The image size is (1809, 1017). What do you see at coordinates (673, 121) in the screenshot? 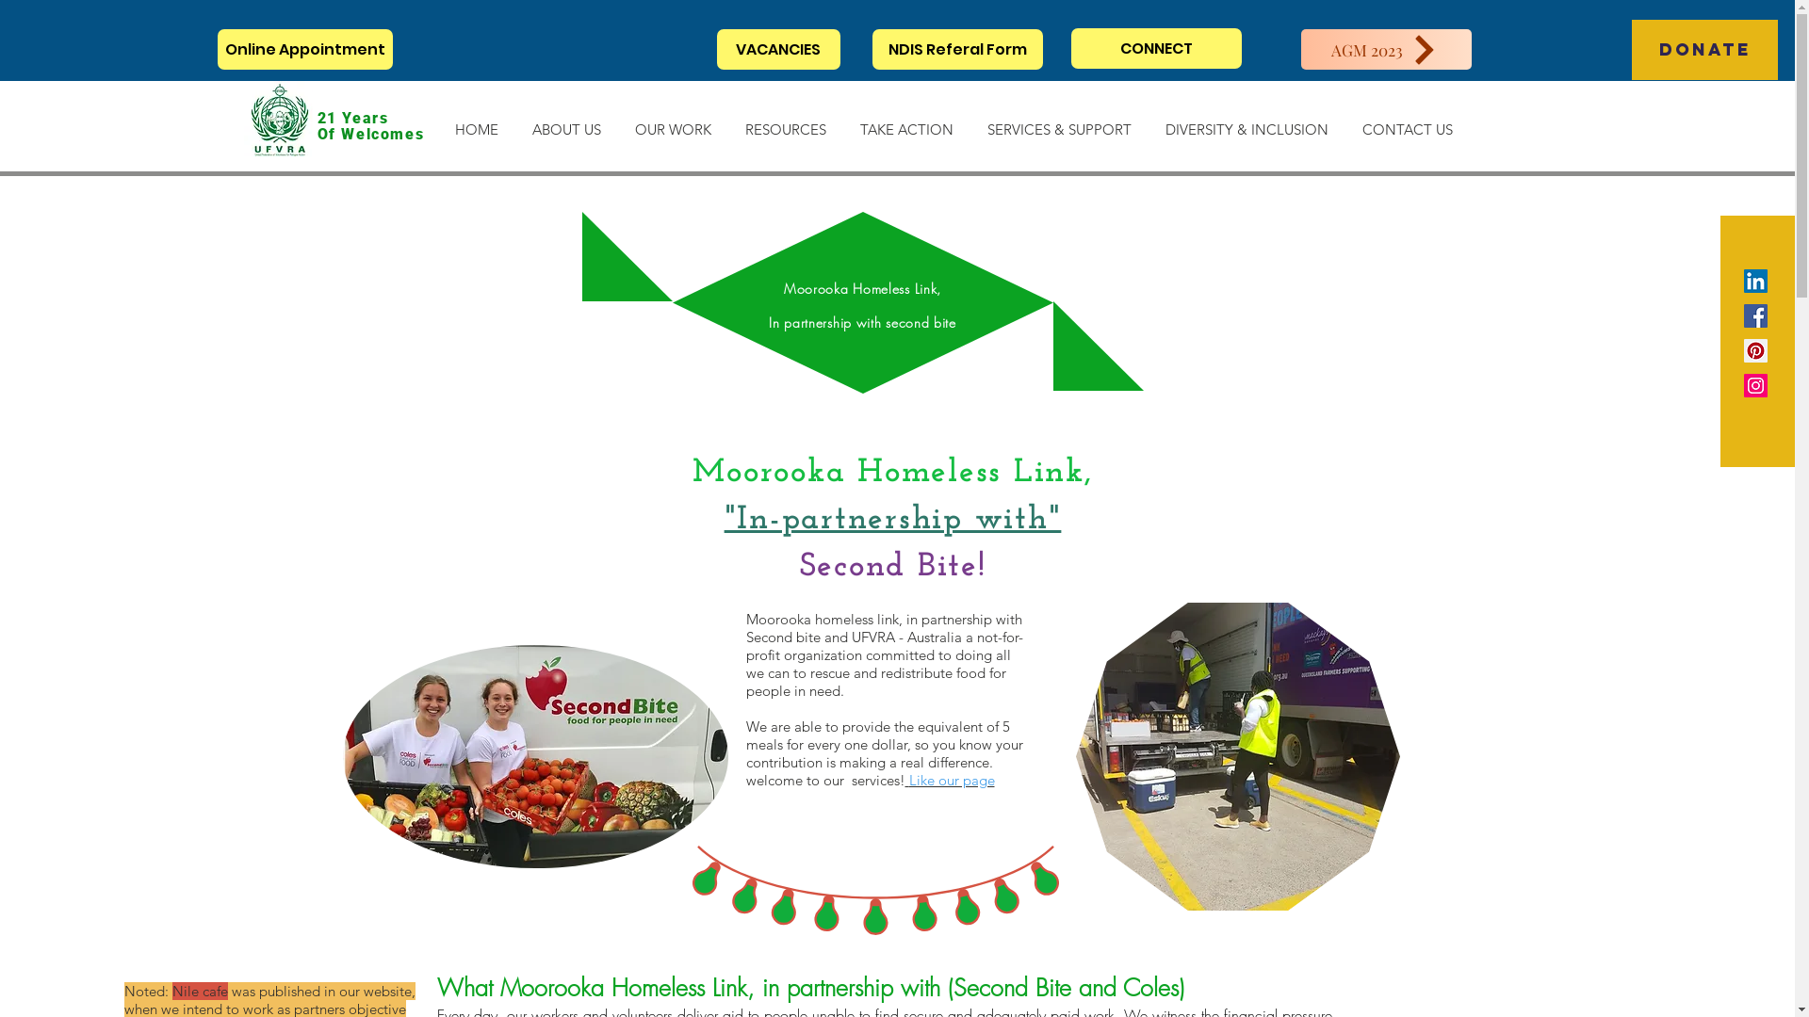
I see `'OUR WORK'` at bounding box center [673, 121].